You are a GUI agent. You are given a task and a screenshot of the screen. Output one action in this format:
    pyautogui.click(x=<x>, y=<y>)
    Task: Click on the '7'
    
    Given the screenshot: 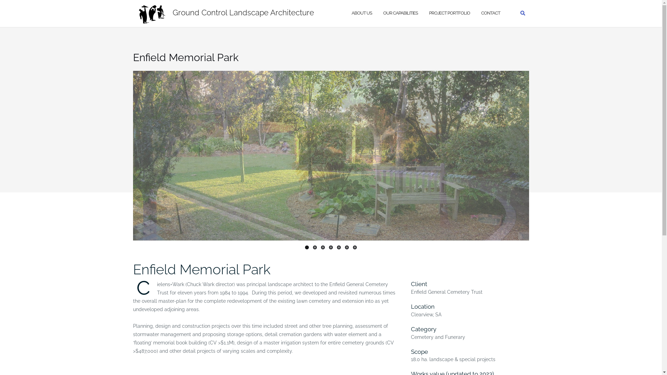 What is the action you would take?
    pyautogui.click(x=355, y=247)
    